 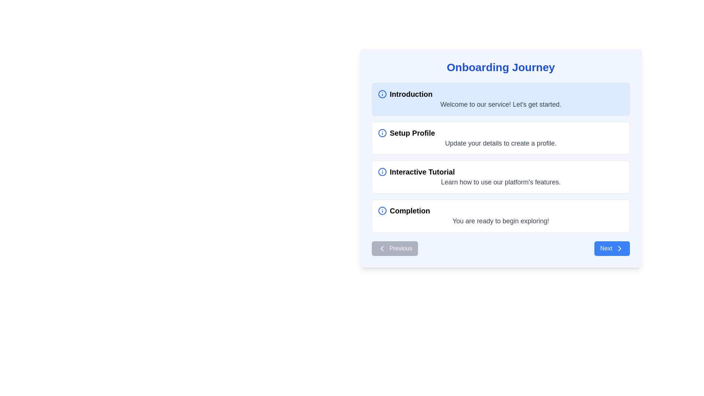 What do you see at coordinates (500, 177) in the screenshot?
I see `the Informative Section Card, which is the third card in the onboarding sequence` at bounding box center [500, 177].